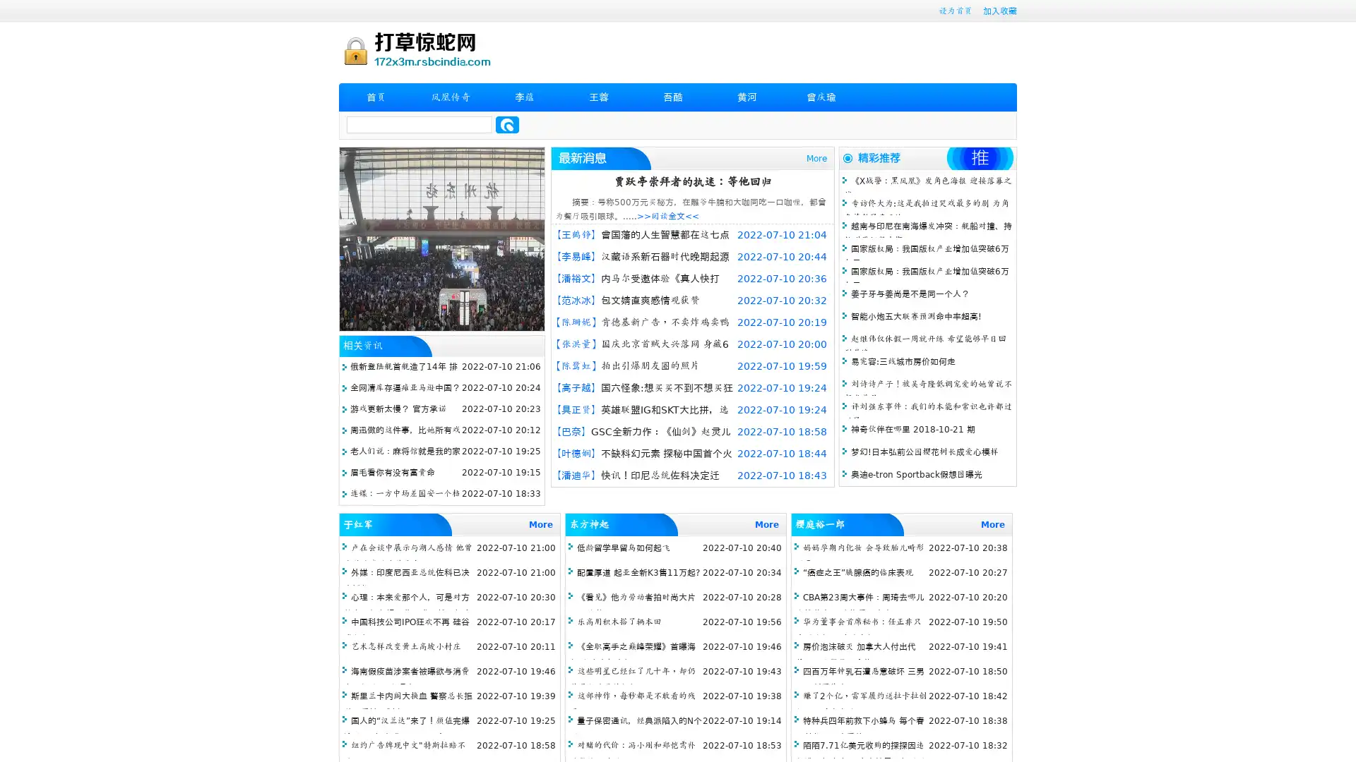 The height and width of the screenshot is (762, 1356). Describe the element at coordinates (507, 124) in the screenshot. I see `Search` at that location.